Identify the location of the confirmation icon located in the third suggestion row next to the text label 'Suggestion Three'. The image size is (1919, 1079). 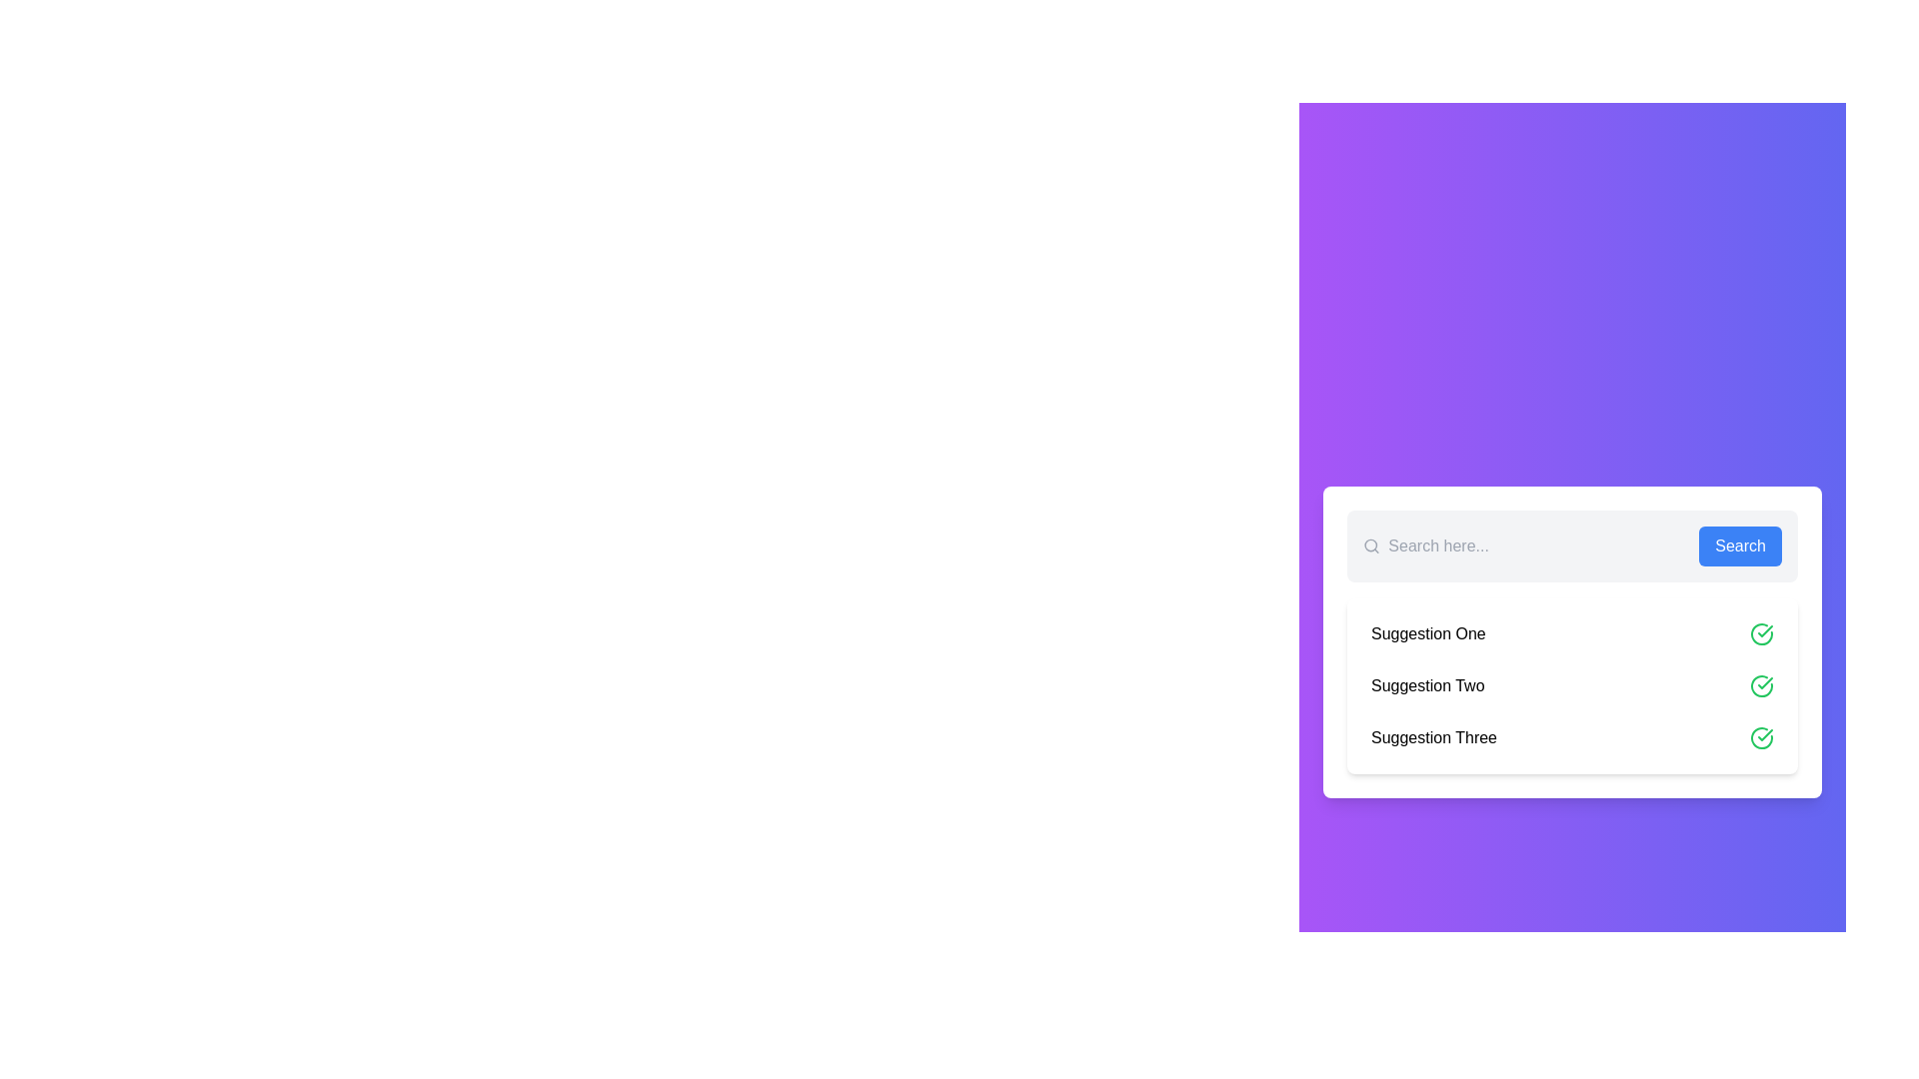
(1765, 681).